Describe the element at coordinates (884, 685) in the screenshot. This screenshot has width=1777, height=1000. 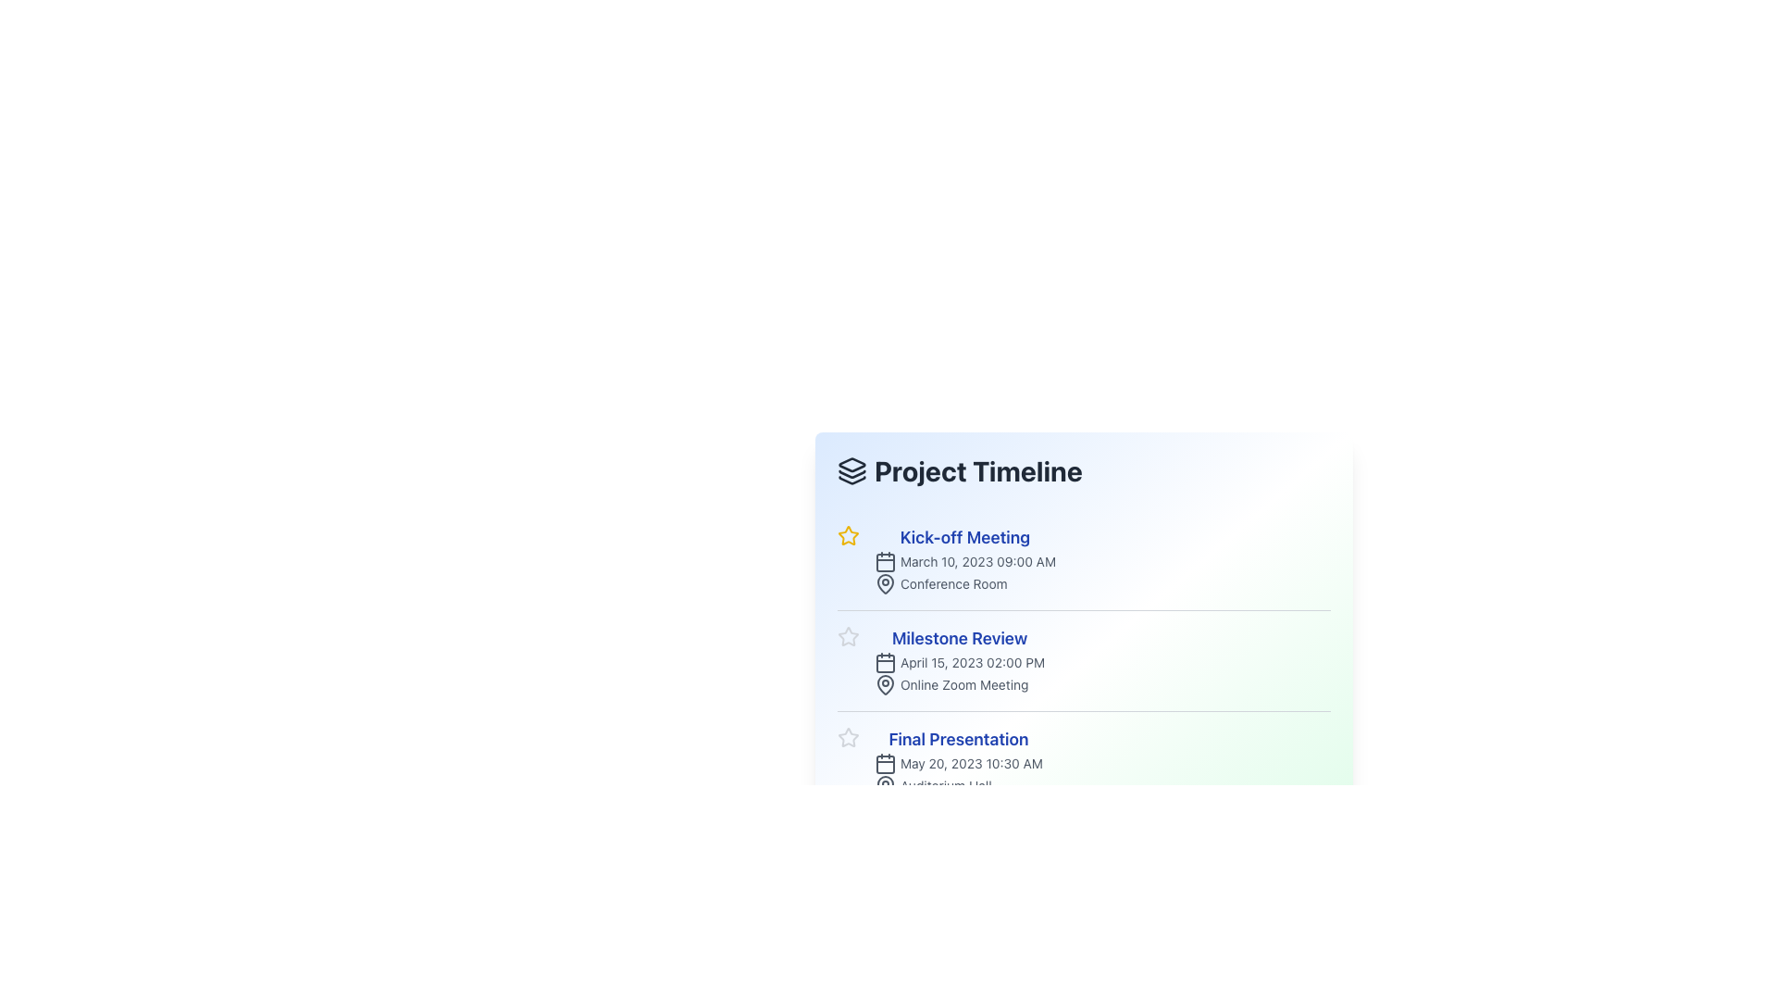
I see `the icon indicating the online event, located at the beginning of the row containing 'Online Zoom Meeting' and adjacent to 'Milestone Review'` at that location.